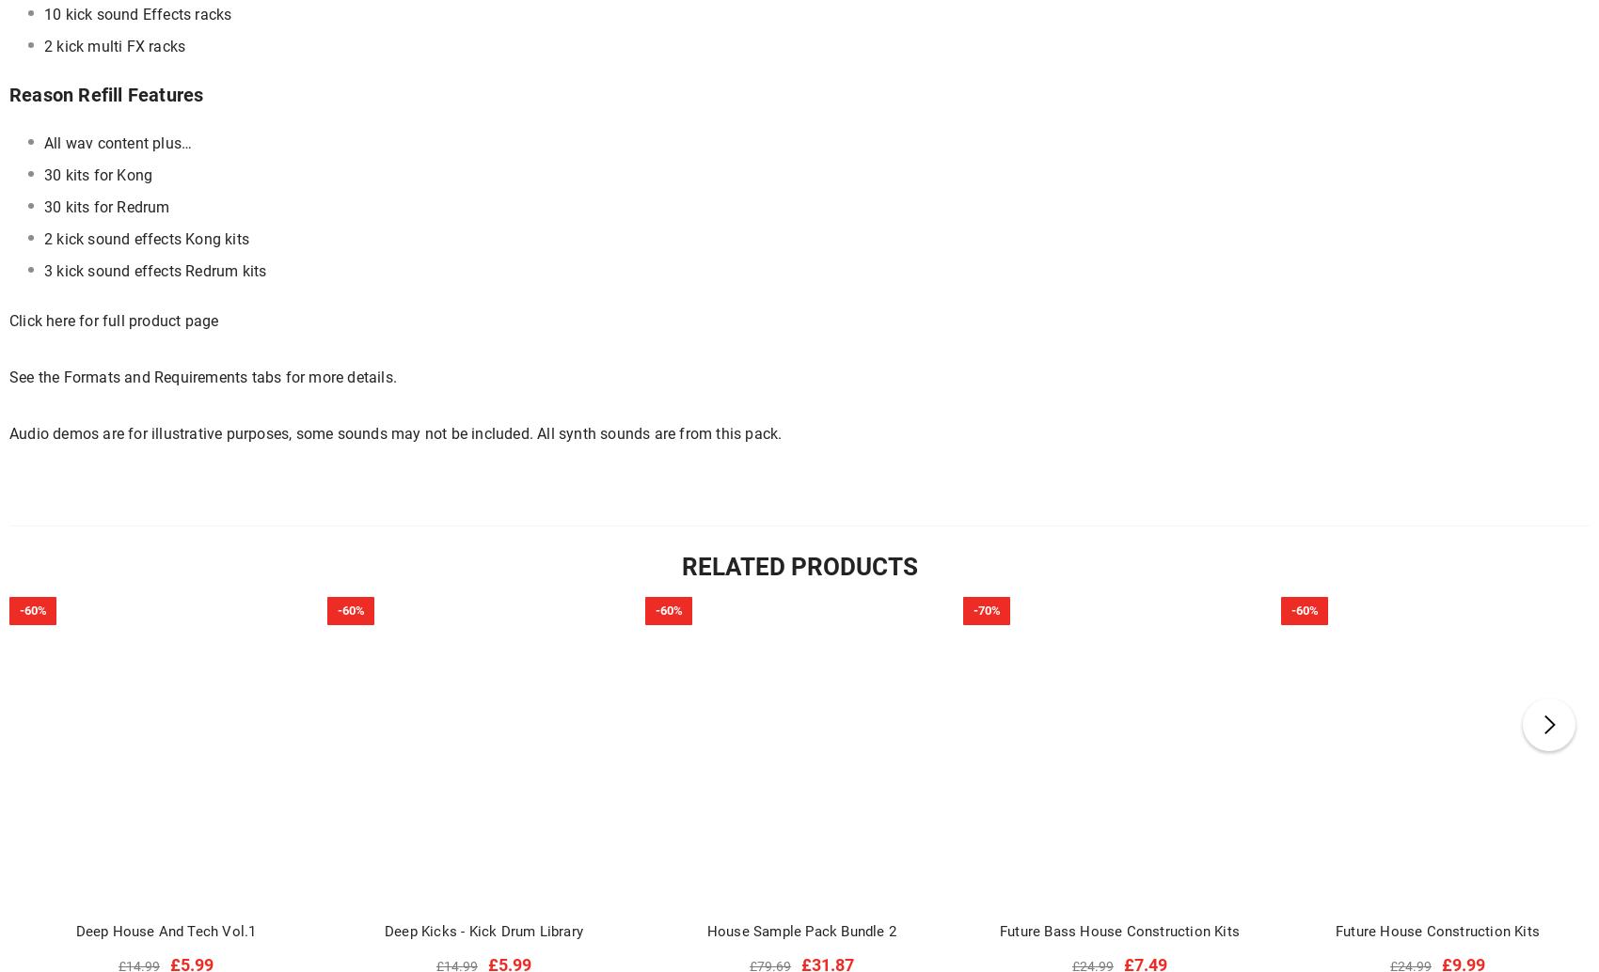 The height and width of the screenshot is (972, 1599). Describe the element at coordinates (394, 432) in the screenshot. I see `'Audio demos are for illustrative purposes, some sounds may not be included. All synth sounds are from this pack.'` at that location.